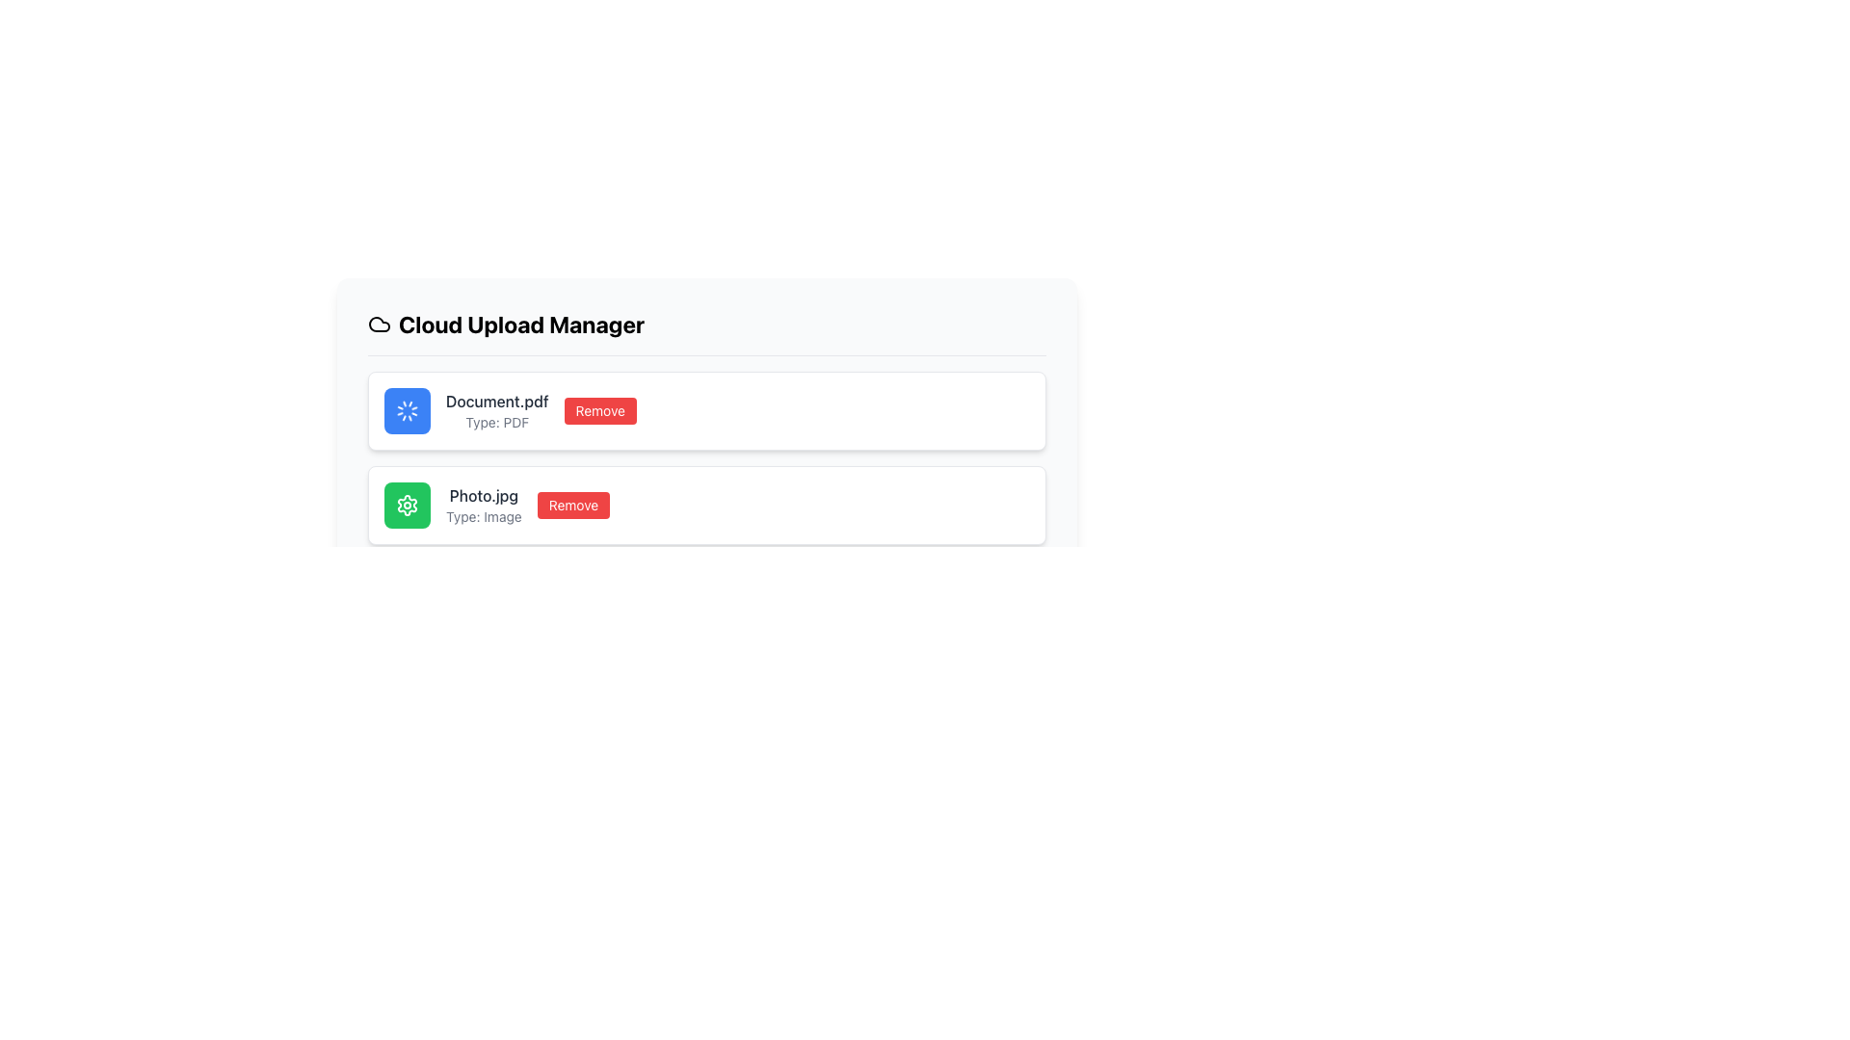  I want to click on the circular, spinning loader icon located within the blue square button above the 'Document.pdf' label, so click(406, 410).